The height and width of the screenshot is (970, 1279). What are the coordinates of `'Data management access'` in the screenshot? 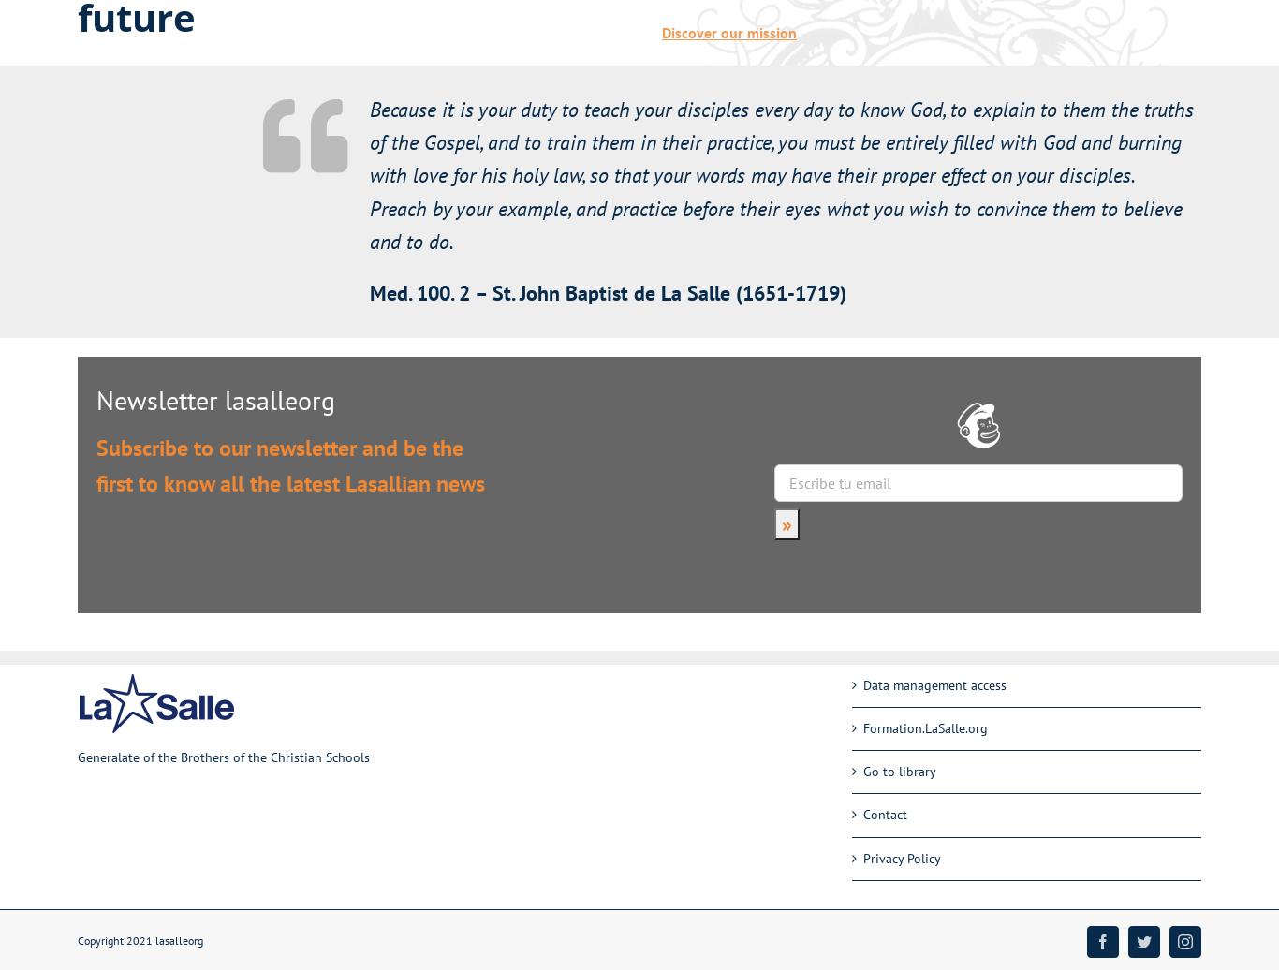 It's located at (934, 684).